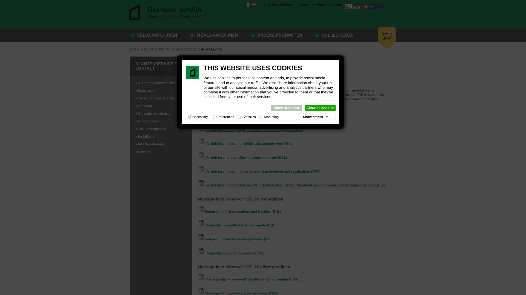 The height and width of the screenshot is (295, 526). Describe the element at coordinates (153, 36) in the screenshot. I see `'VELUX GORDIJNEN'` at that location.